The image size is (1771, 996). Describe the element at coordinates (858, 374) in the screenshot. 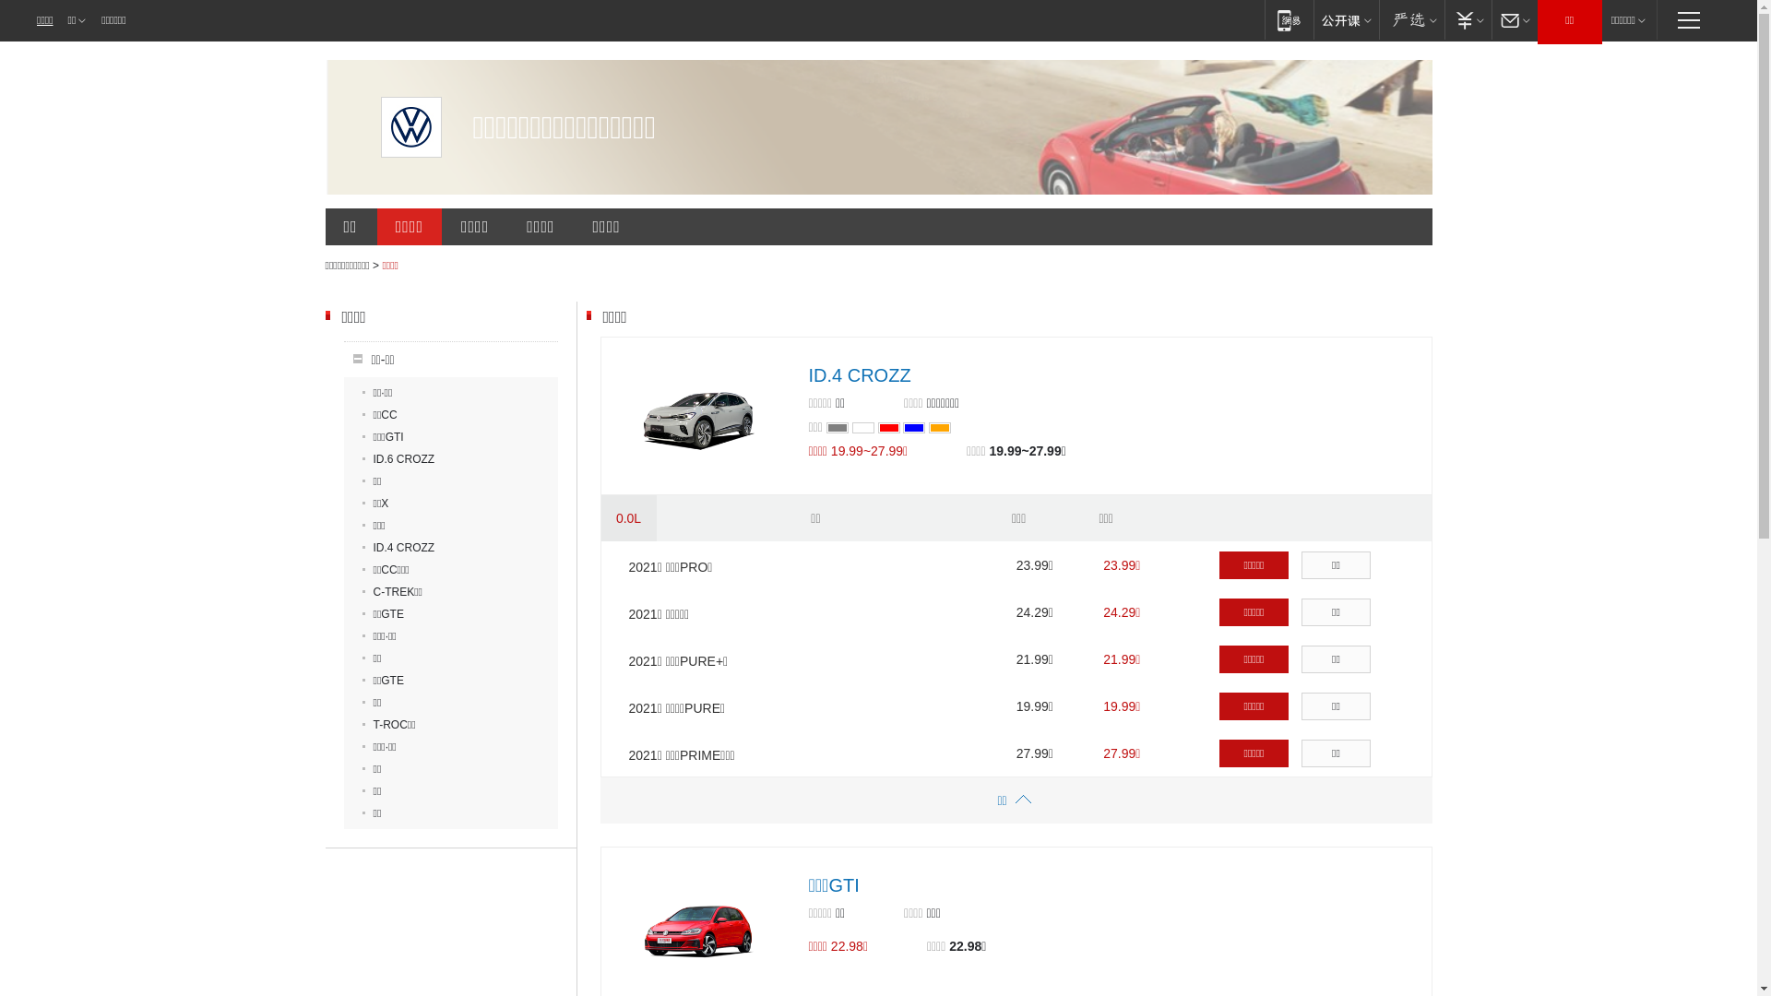

I see `'ID.4 CROZZ'` at that location.